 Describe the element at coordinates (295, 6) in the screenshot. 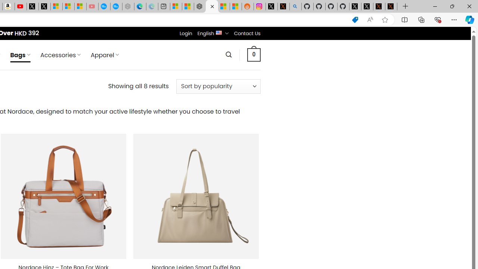

I see `'github - Search'` at that location.